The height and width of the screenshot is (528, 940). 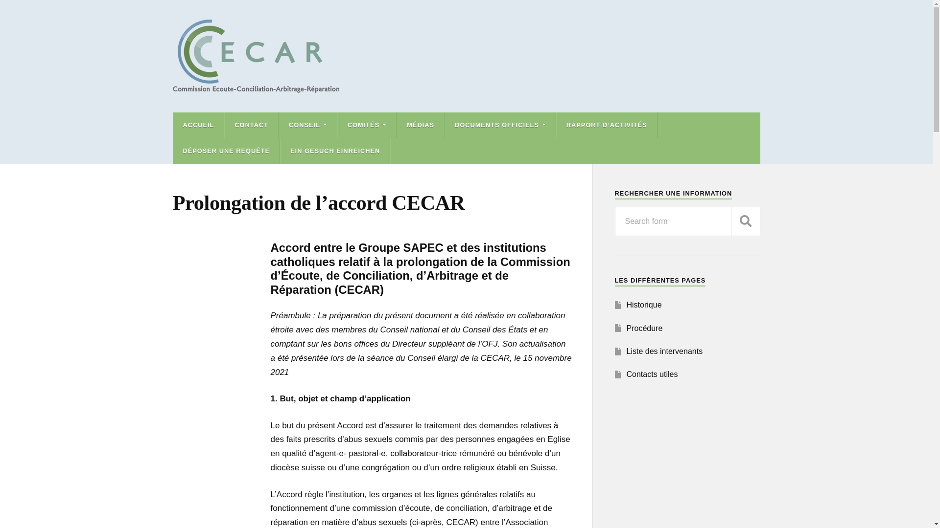 What do you see at coordinates (644, 304) in the screenshot?
I see `'Historique'` at bounding box center [644, 304].